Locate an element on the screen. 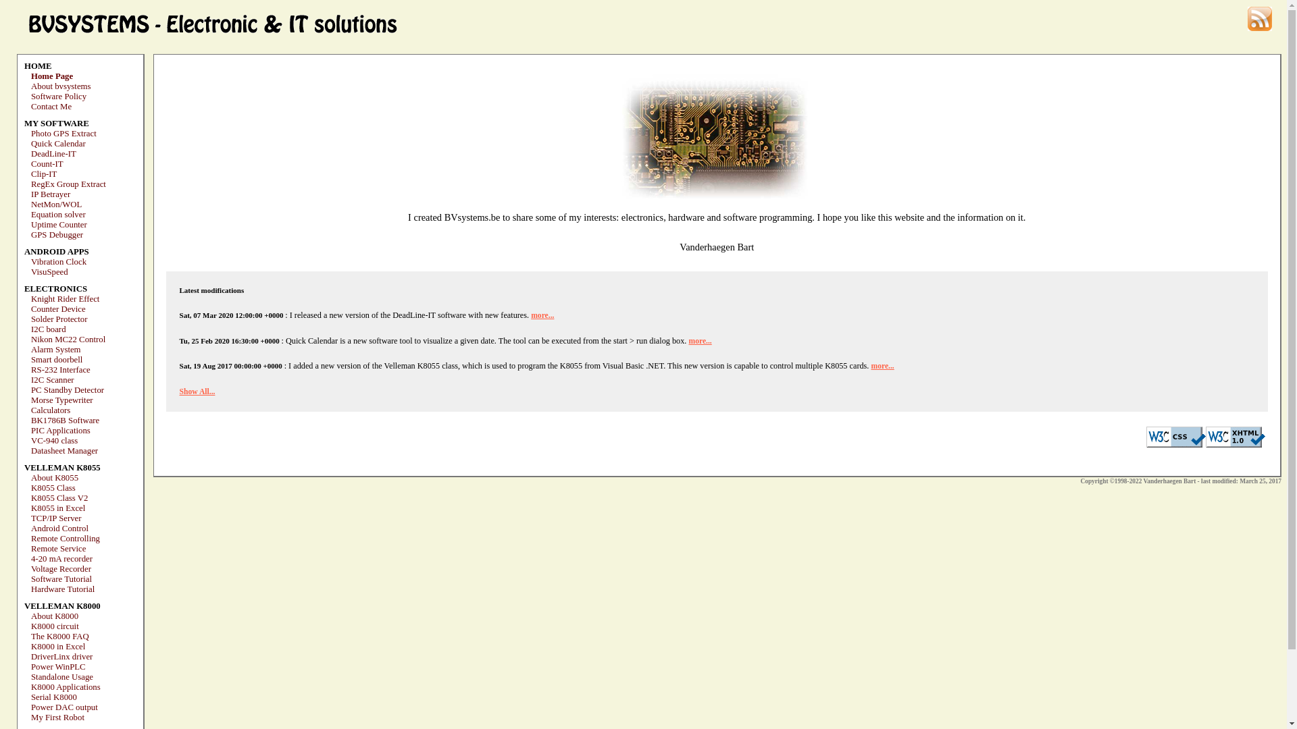  'K8000 in Excel' is located at coordinates (57, 645).